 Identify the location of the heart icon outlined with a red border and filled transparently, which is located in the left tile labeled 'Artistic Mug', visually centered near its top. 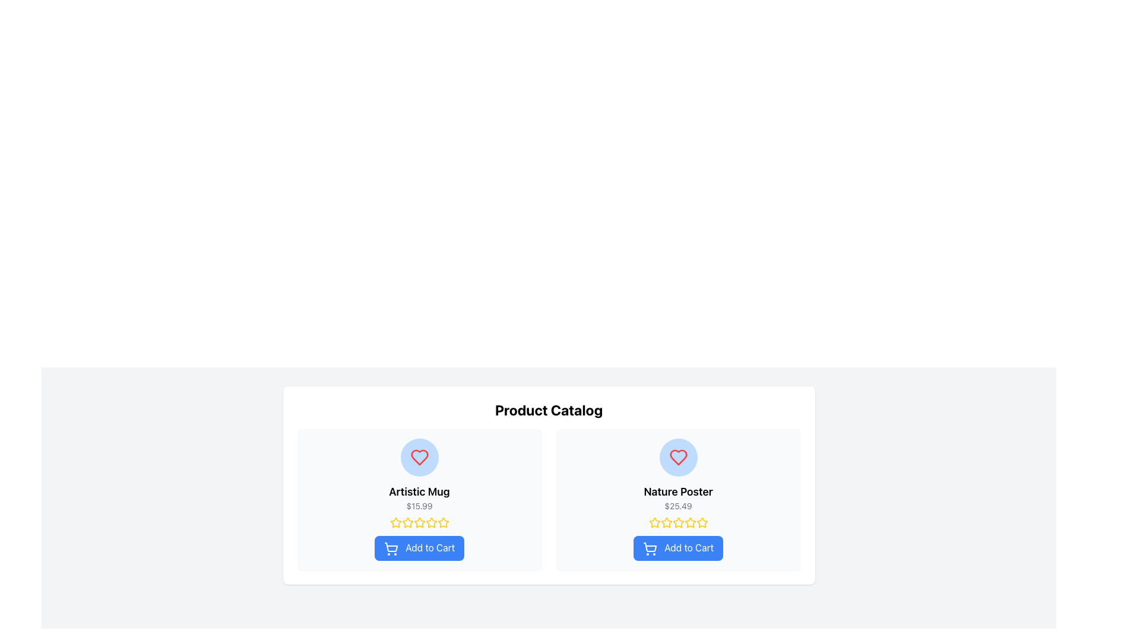
(678, 457).